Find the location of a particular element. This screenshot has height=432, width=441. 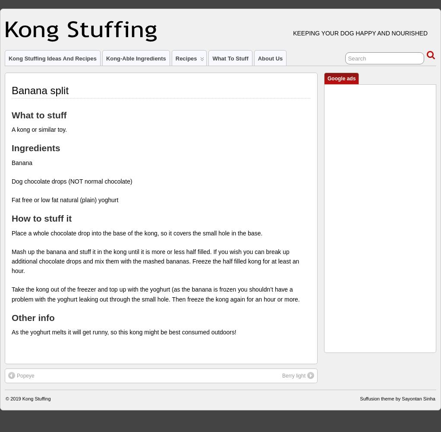

'Fat free or low fat natural (plain) yoghurt' is located at coordinates (64, 200).